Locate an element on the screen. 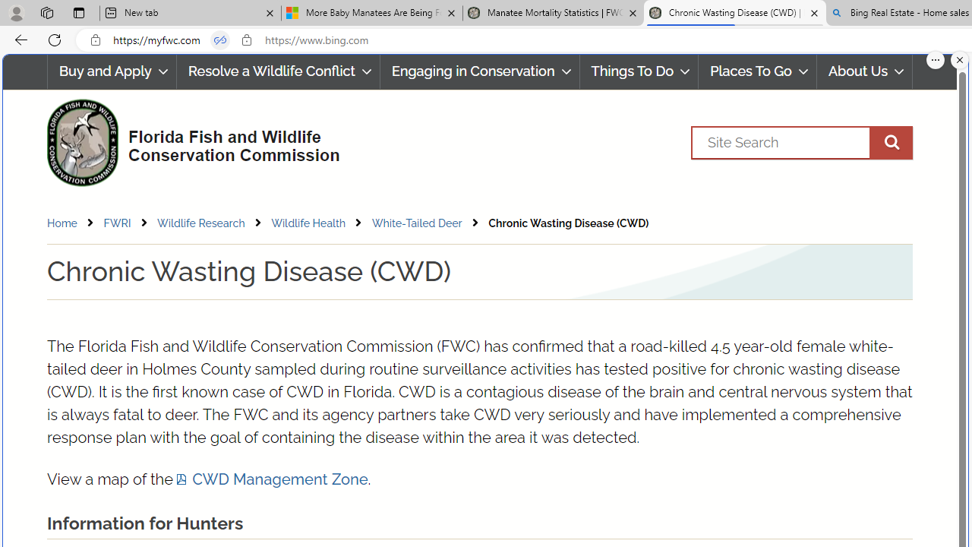 This screenshot has width=972, height=547. 'Wildlife Health' is located at coordinates (319, 223).